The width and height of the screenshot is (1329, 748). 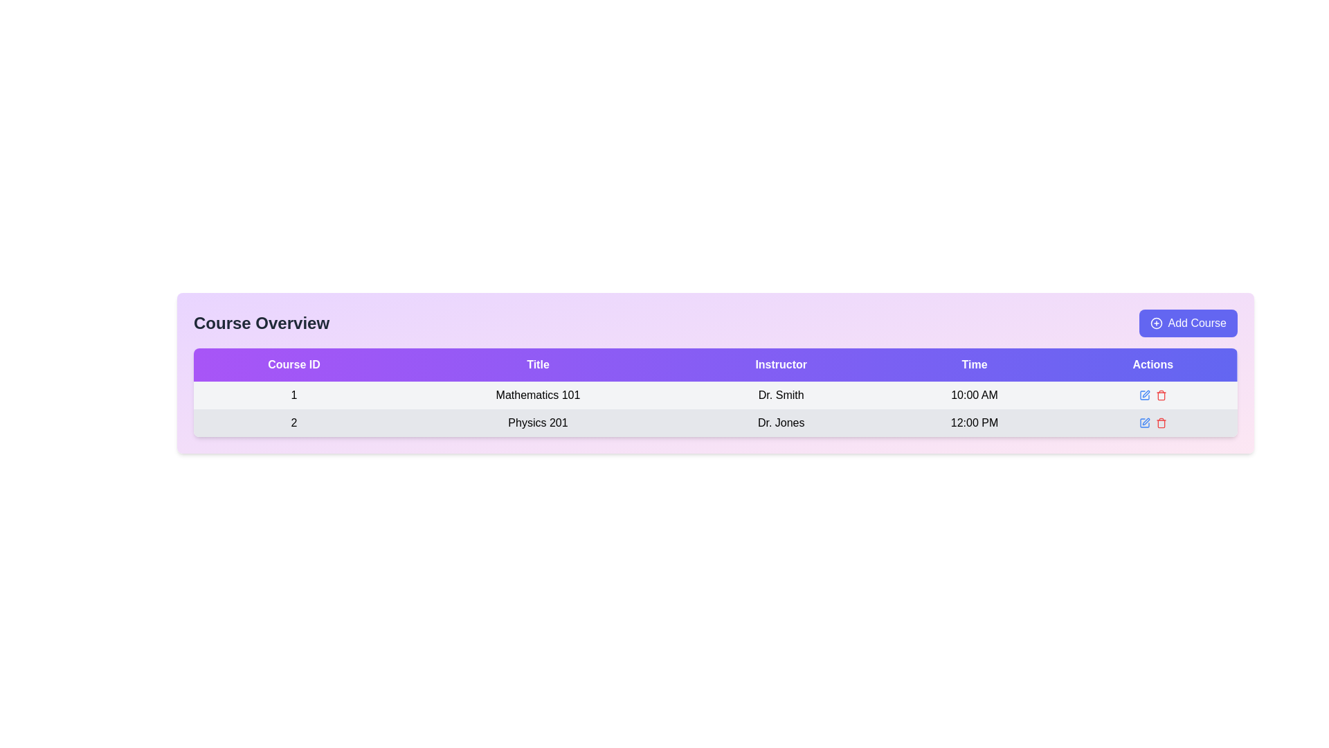 What do you see at coordinates (537, 395) in the screenshot?
I see `title of the first course listed in the table under the 'Course Overview' heading, located in the second column of the first row, positioned between the 'Course ID' column and the 'Instructor' column` at bounding box center [537, 395].